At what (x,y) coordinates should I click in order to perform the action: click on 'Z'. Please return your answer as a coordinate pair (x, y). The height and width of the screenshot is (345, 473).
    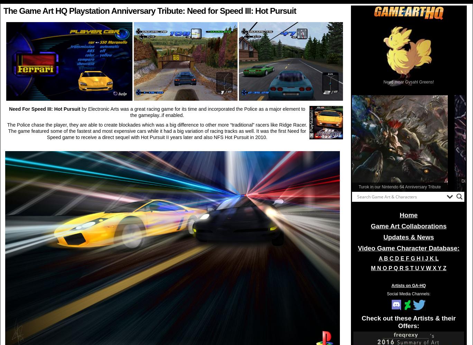
    Looking at the image, I should click on (442, 268).